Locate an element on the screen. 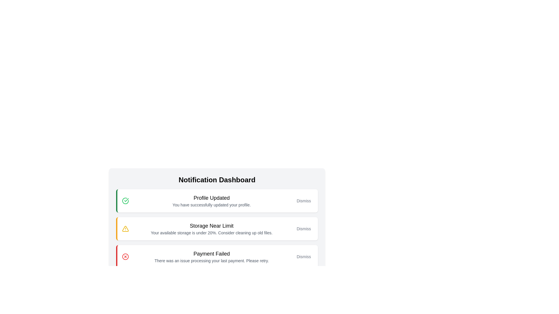  the Text label located under the 'Storage Near Limit' notification panel, which suggests cleaning up old files due to low available space is located at coordinates (211, 233).